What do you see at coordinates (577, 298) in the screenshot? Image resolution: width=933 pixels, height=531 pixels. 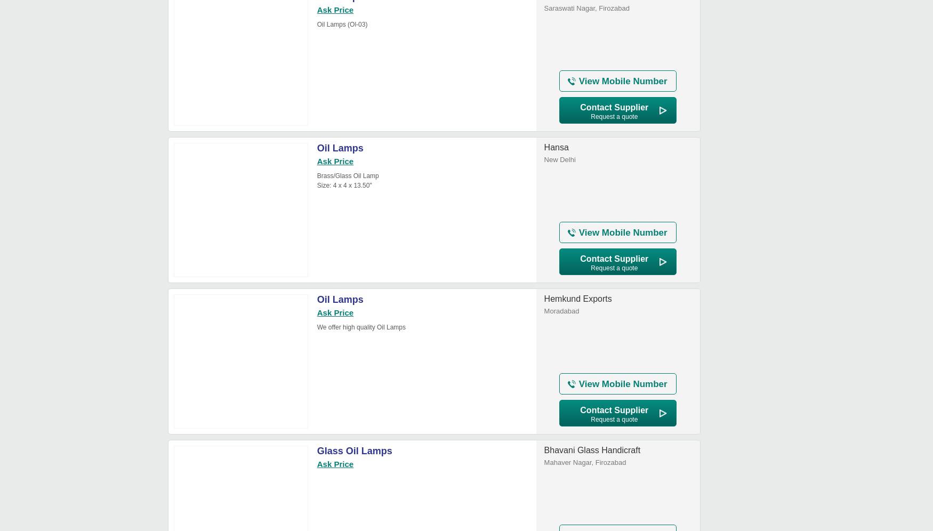 I see `'Hemkund Exports'` at bounding box center [577, 298].